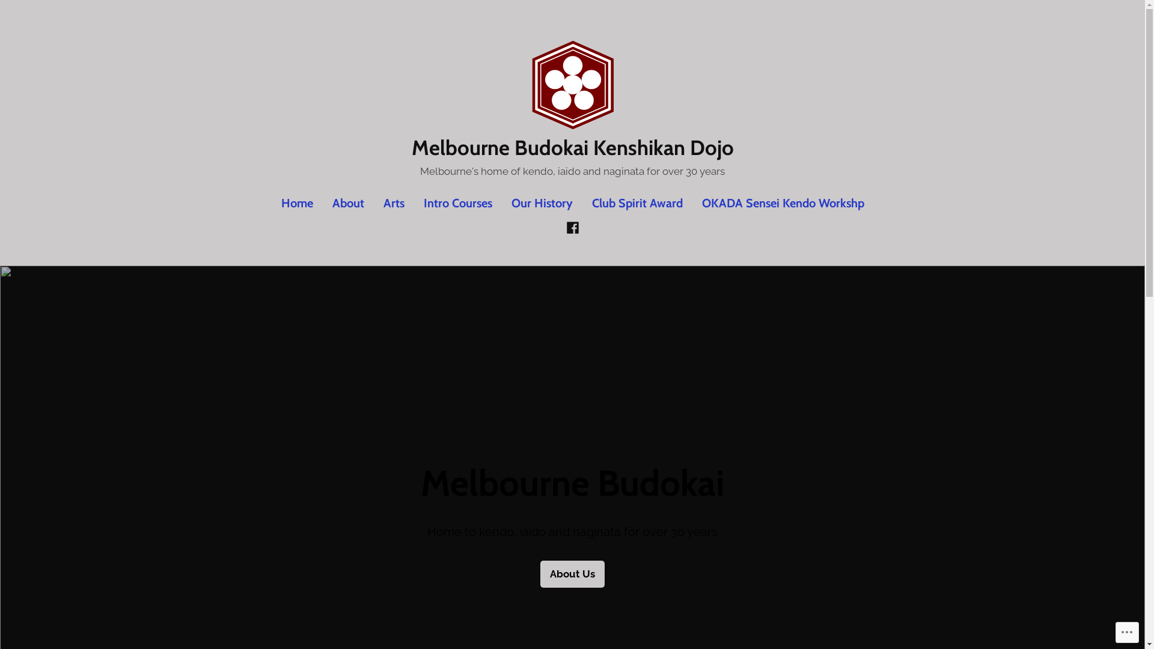  I want to click on 'Arts', so click(373, 202).